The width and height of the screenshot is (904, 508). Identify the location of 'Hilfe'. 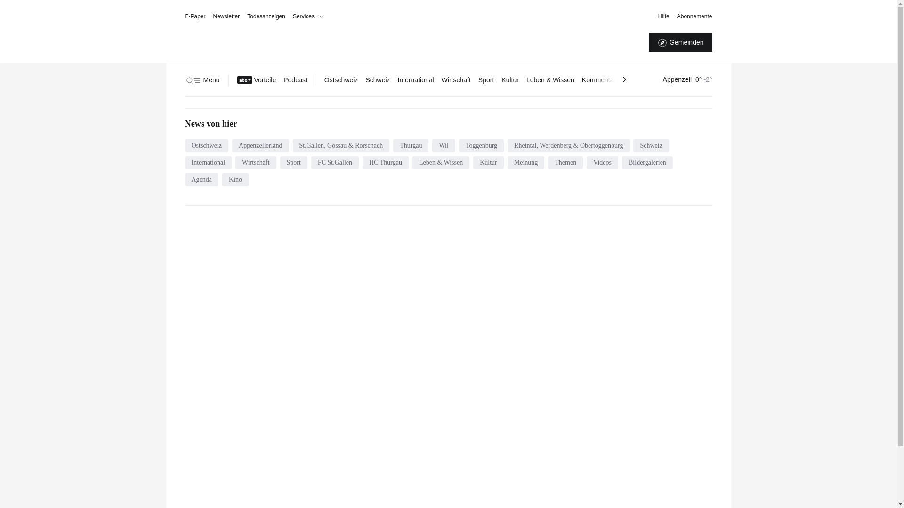
(663, 16).